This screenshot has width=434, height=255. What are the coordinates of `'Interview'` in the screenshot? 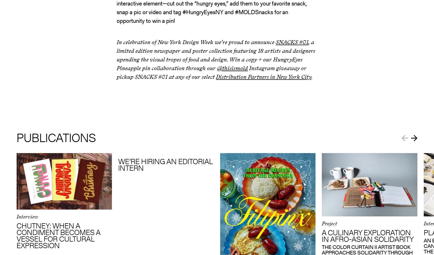 It's located at (27, 216).